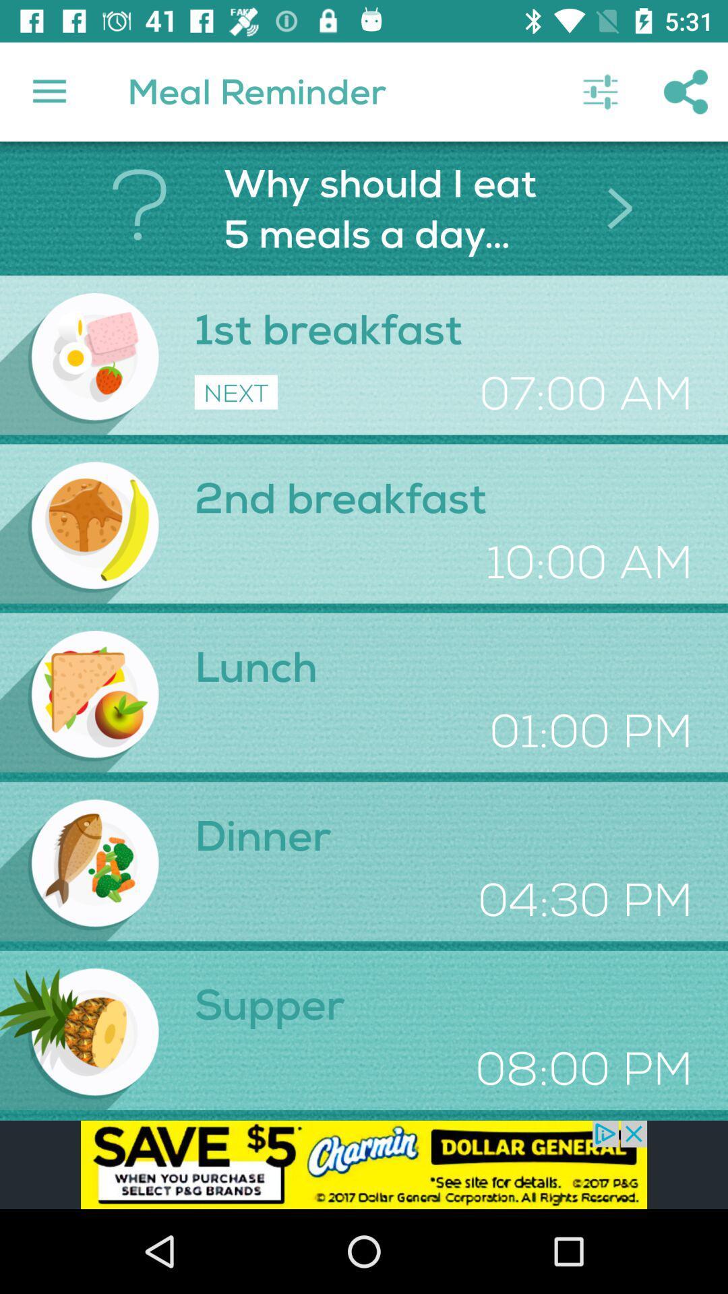 This screenshot has width=728, height=1294. What do you see at coordinates (364, 1164) in the screenshot?
I see `display advertisement` at bounding box center [364, 1164].